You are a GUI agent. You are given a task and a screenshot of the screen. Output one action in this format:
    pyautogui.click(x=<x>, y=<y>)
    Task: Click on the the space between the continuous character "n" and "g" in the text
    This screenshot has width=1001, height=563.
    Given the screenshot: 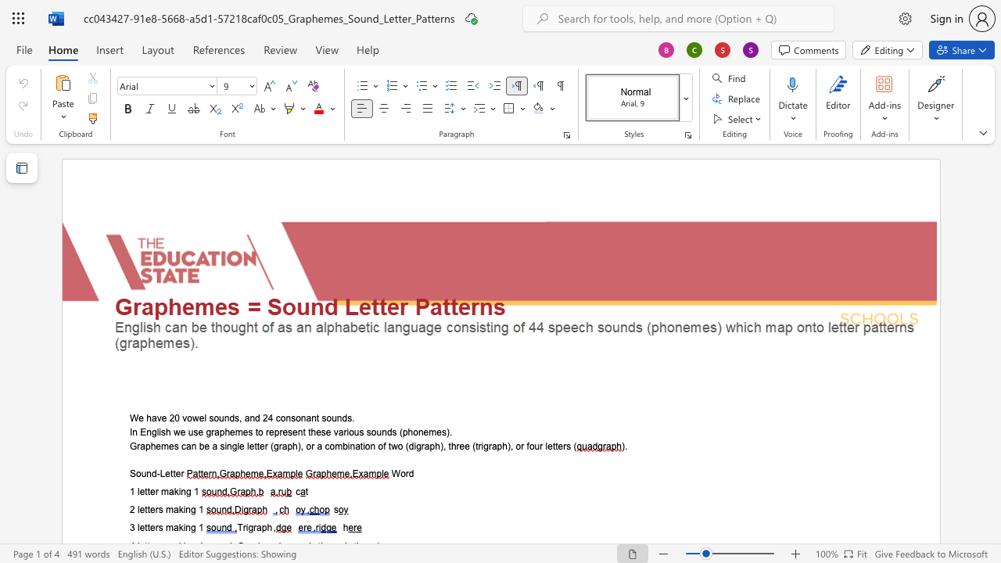 What is the action you would take?
    pyautogui.click(x=189, y=510)
    